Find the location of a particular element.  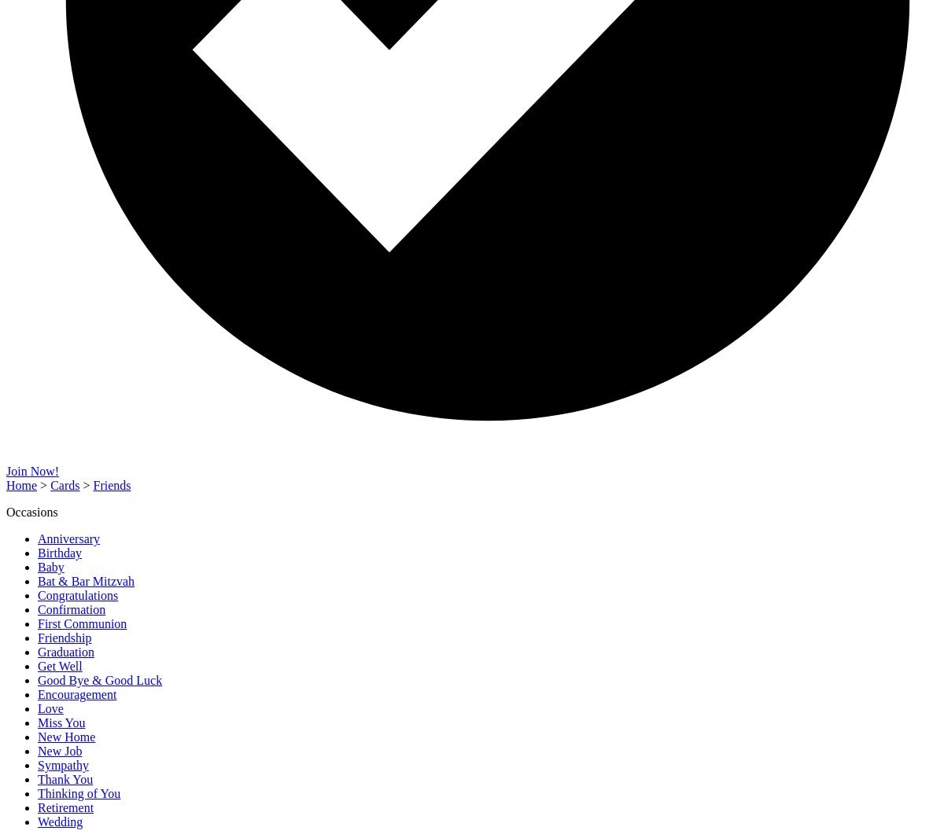

'Get Well' is located at coordinates (38, 666).